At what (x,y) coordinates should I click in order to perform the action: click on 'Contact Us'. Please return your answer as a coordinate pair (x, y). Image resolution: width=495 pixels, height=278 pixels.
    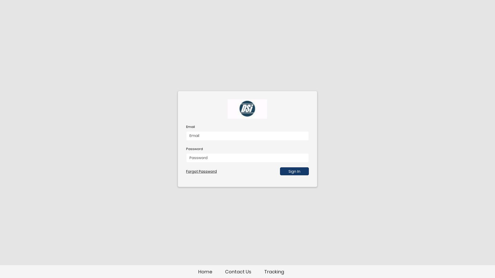
    Looking at the image, I should click on (237, 271).